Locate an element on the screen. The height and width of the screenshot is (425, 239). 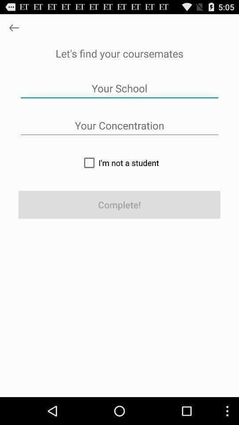
checkbox below i m not is located at coordinates (119, 205).